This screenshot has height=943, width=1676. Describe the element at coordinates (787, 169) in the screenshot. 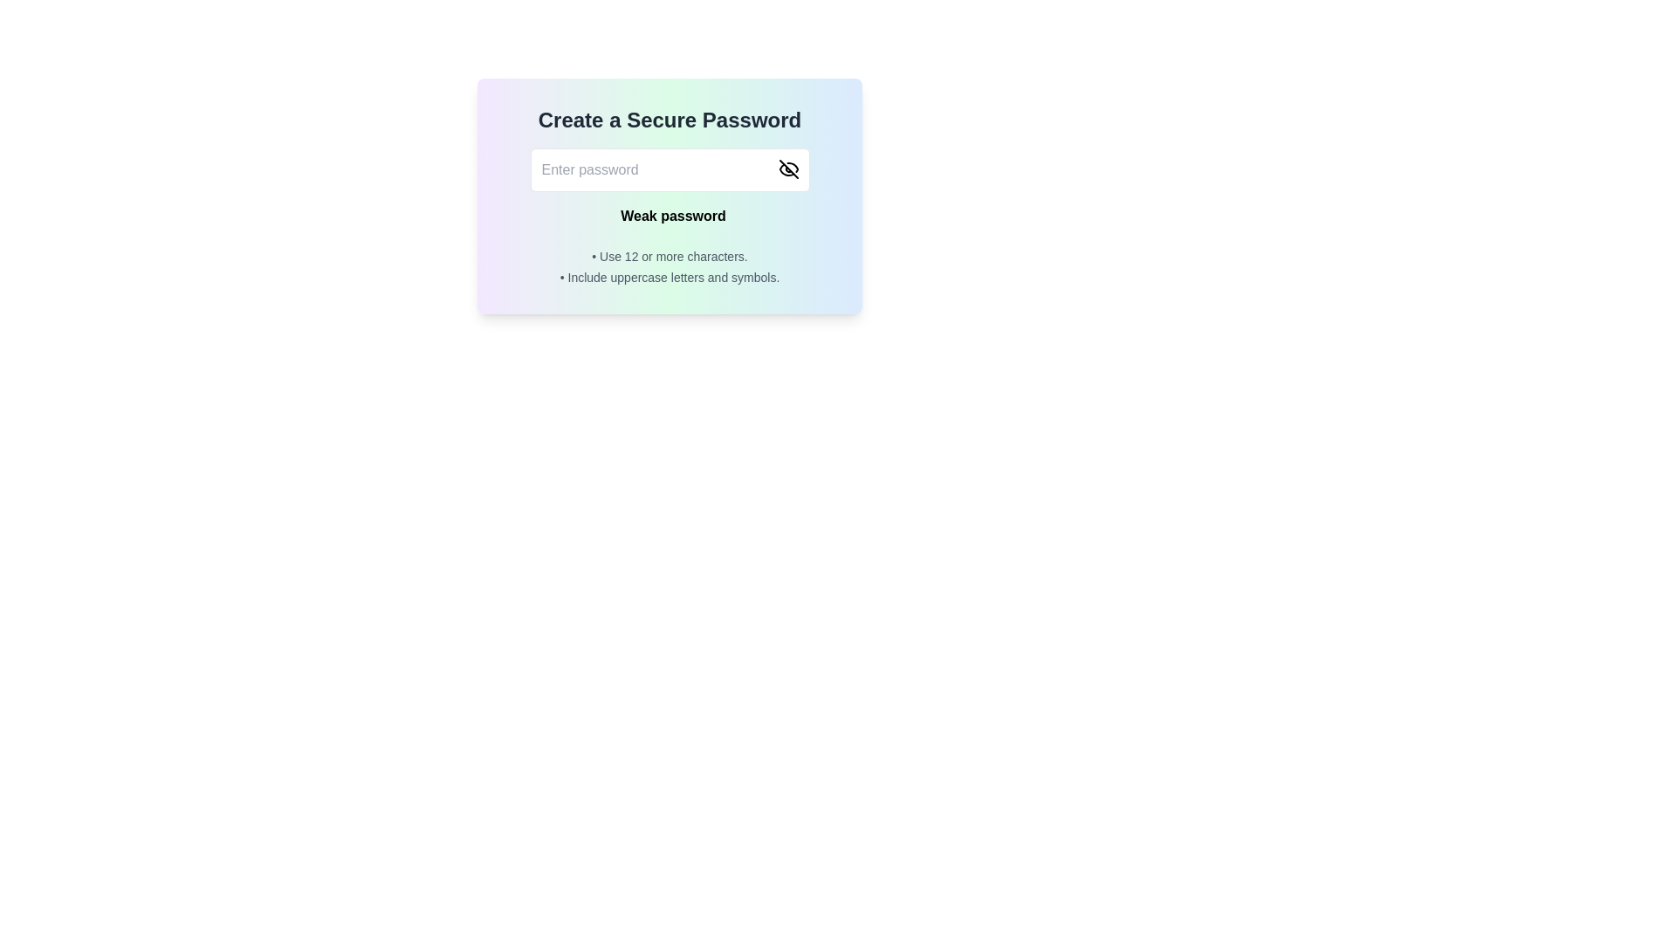

I see `the icon button located at the top-right corner of the password input field` at that location.